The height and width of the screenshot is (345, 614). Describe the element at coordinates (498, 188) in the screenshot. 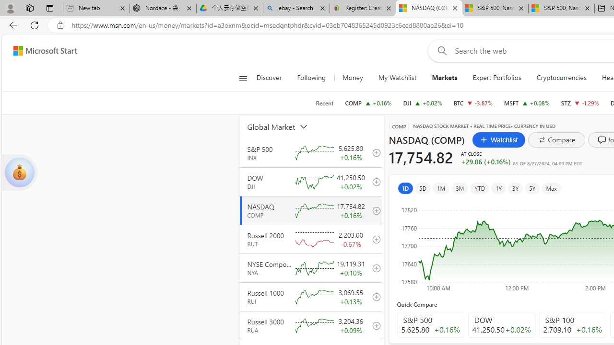

I see `'1Y'` at that location.